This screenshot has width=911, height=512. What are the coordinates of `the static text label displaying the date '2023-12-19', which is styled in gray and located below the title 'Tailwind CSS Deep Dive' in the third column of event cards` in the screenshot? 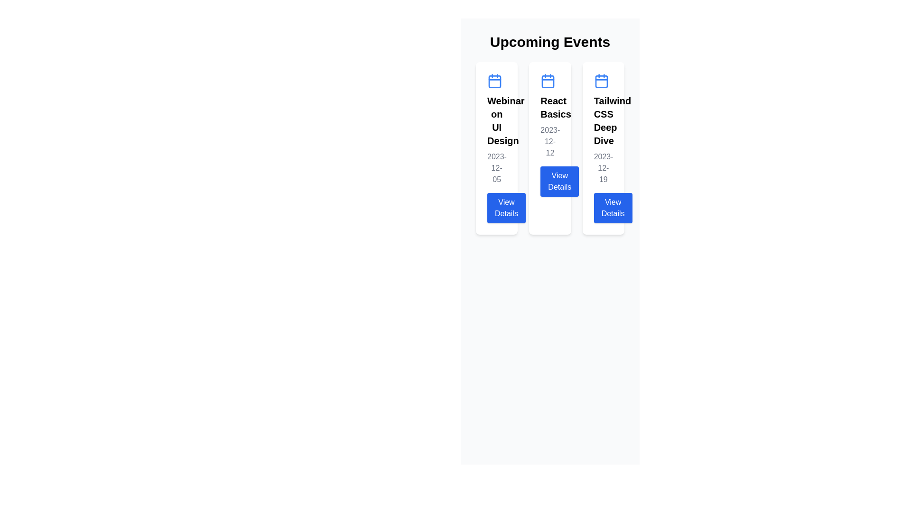 It's located at (603, 167).